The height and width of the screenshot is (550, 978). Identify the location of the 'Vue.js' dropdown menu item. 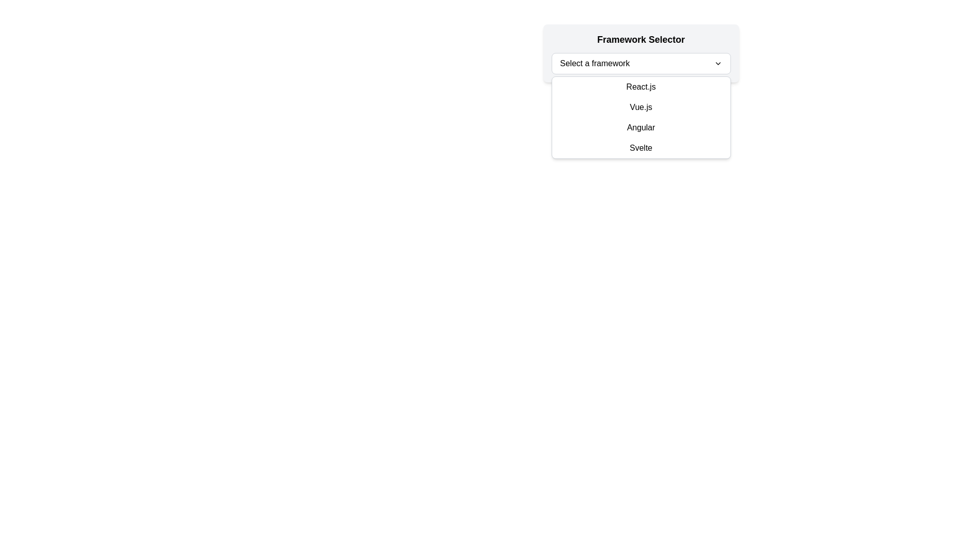
(640, 107).